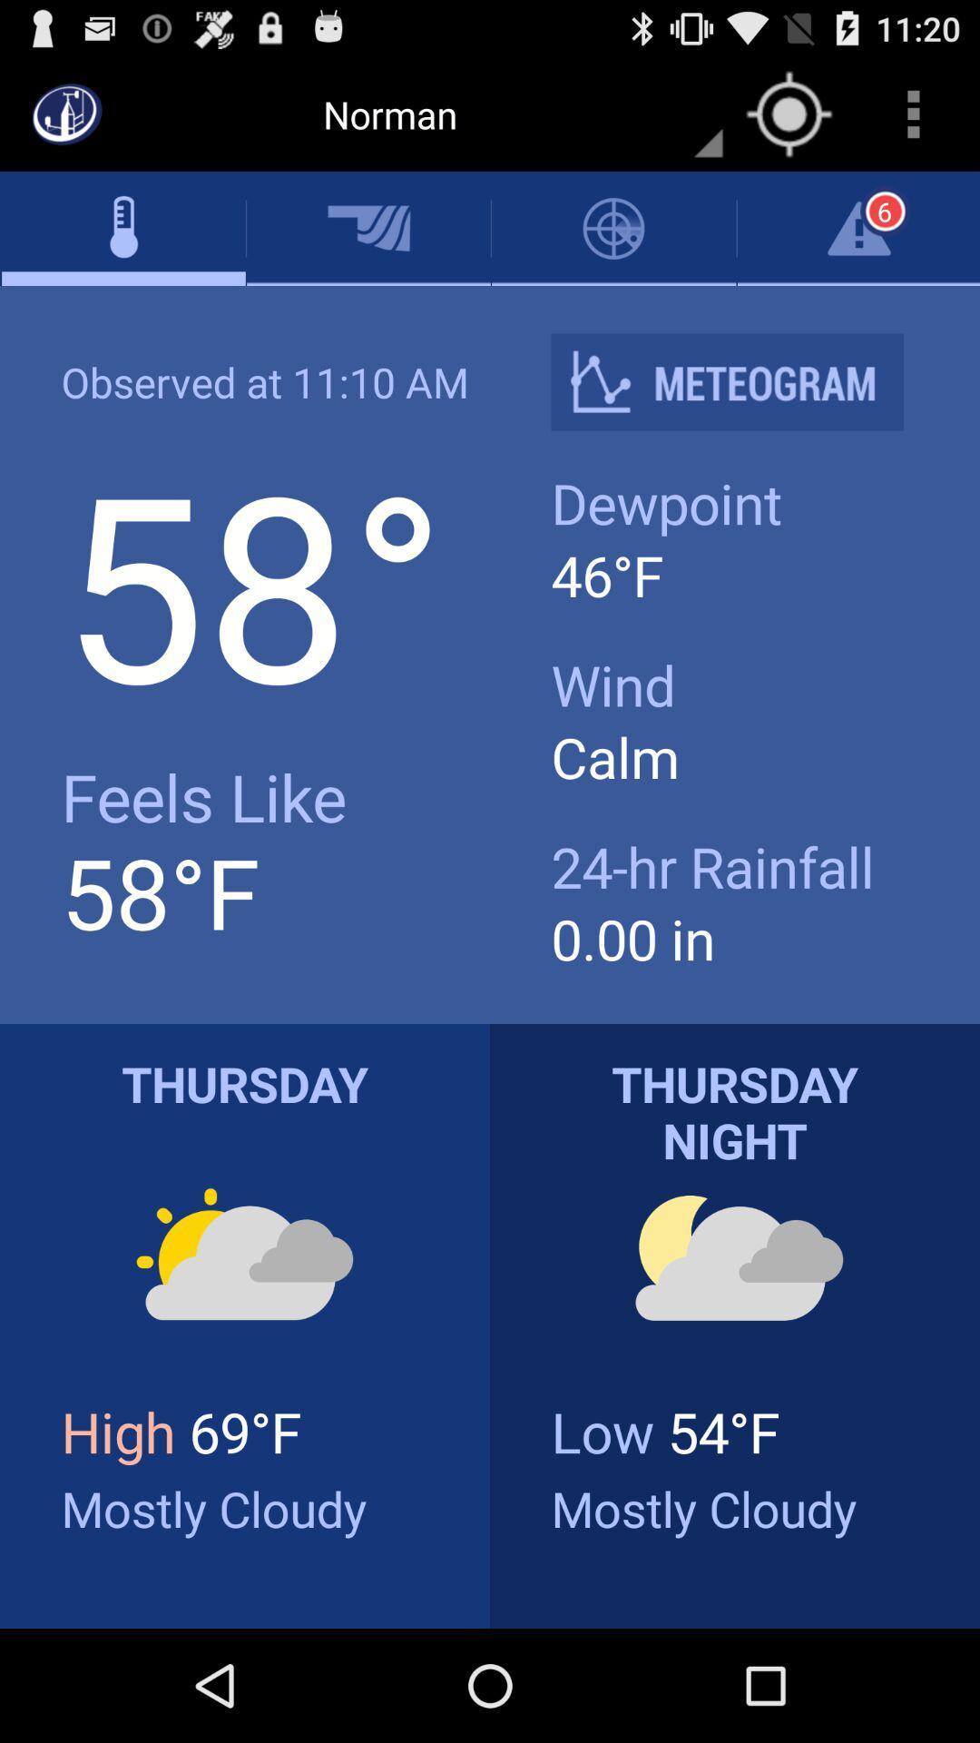 The height and width of the screenshot is (1743, 980). Describe the element at coordinates (789, 113) in the screenshot. I see `the item to the right of the norman app` at that location.